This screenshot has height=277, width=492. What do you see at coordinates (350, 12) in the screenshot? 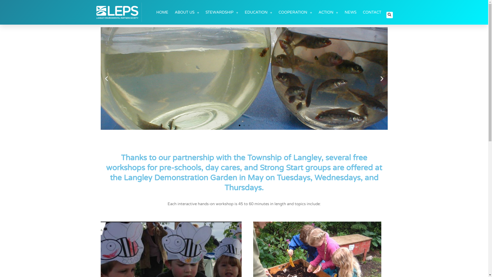
I see `'NEWS'` at bounding box center [350, 12].